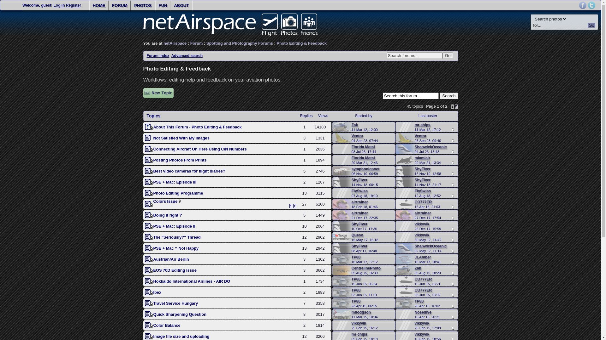 This screenshot has height=340, width=606. I want to click on 'PSE + Mac: Episode II', so click(174, 226).